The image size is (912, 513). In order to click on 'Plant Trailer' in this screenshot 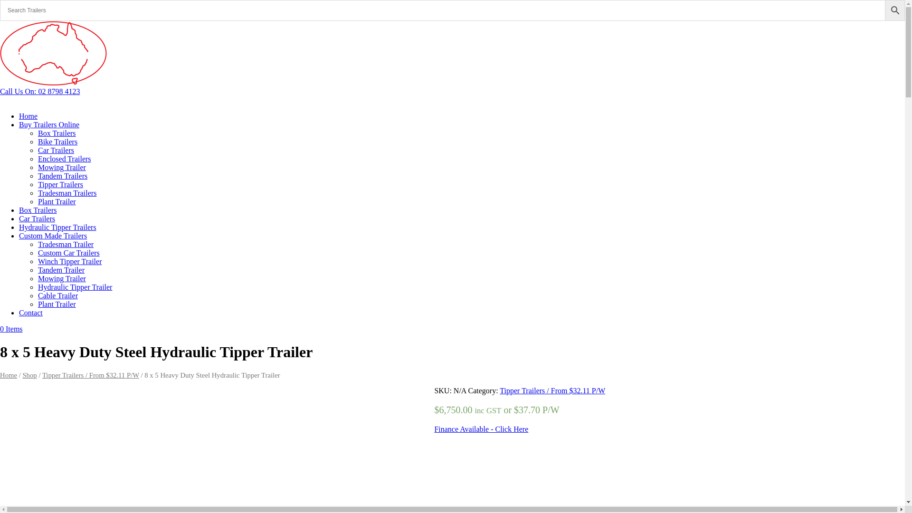, I will do `click(57, 201)`.